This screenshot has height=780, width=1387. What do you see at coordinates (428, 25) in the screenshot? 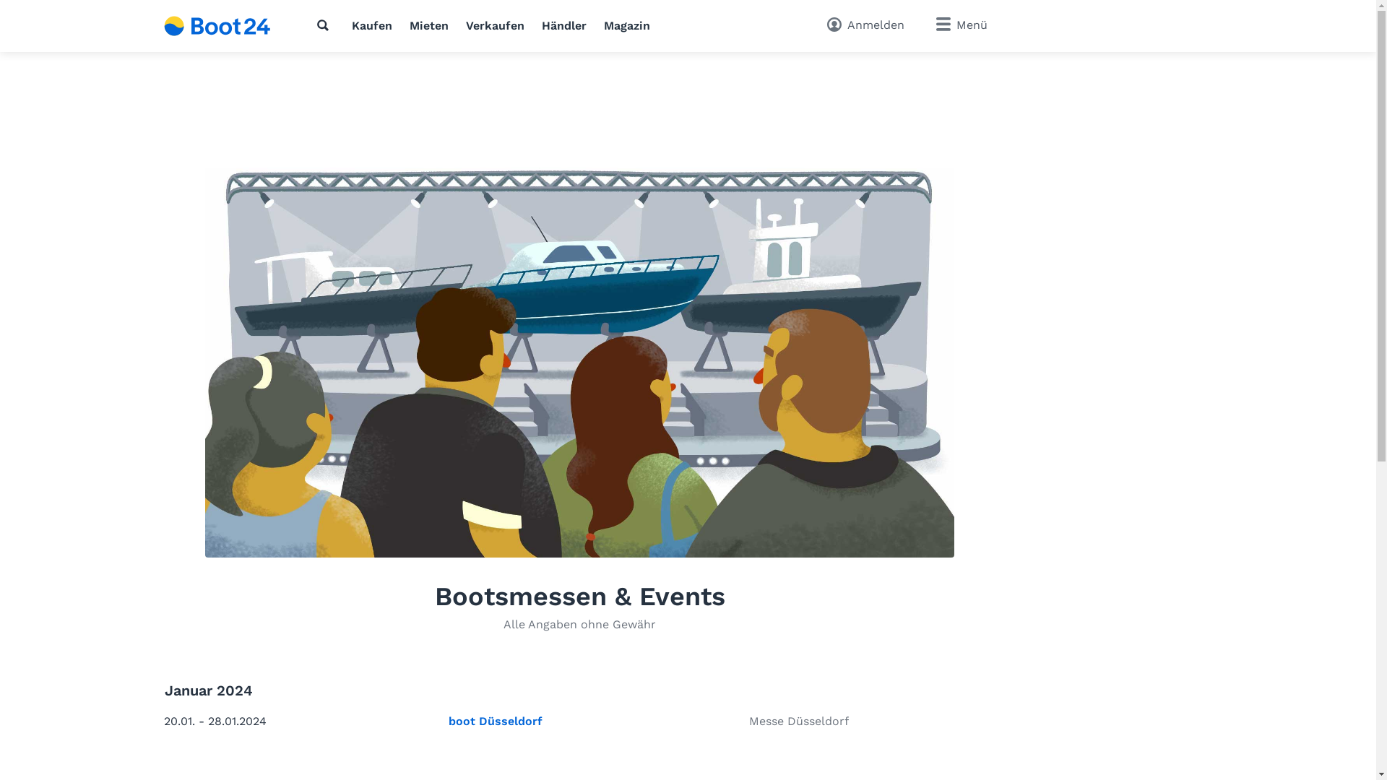
I see `'Mieten'` at bounding box center [428, 25].